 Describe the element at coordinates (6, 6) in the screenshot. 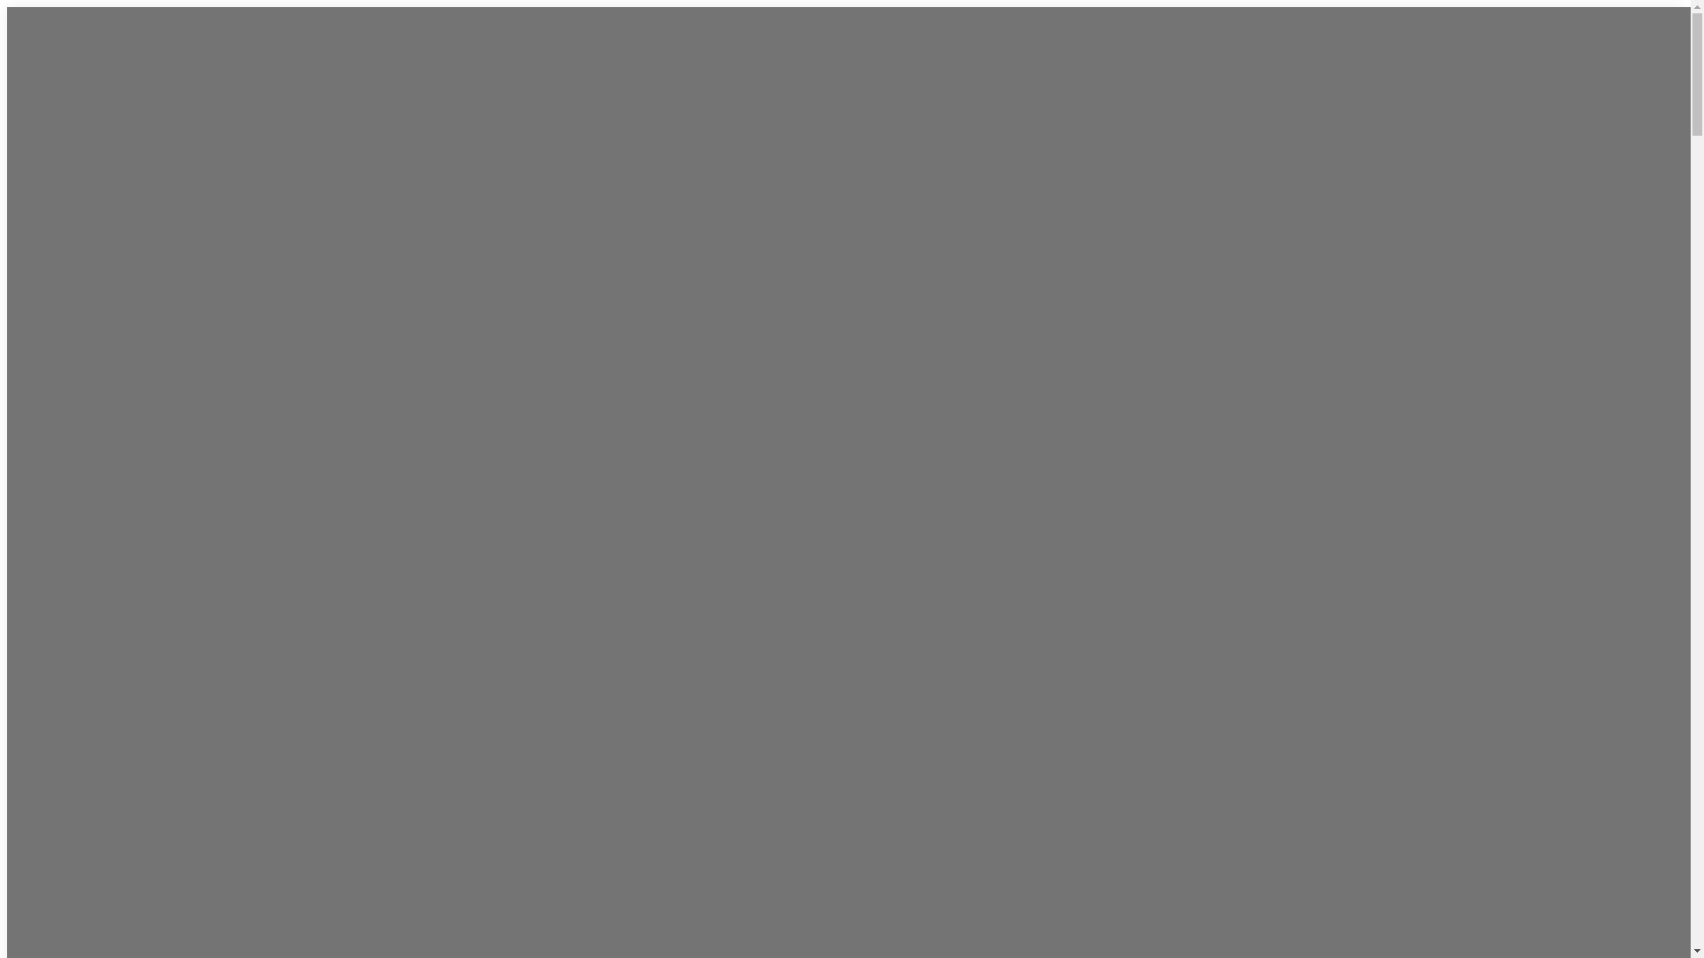

I see `'Skip to content'` at that location.